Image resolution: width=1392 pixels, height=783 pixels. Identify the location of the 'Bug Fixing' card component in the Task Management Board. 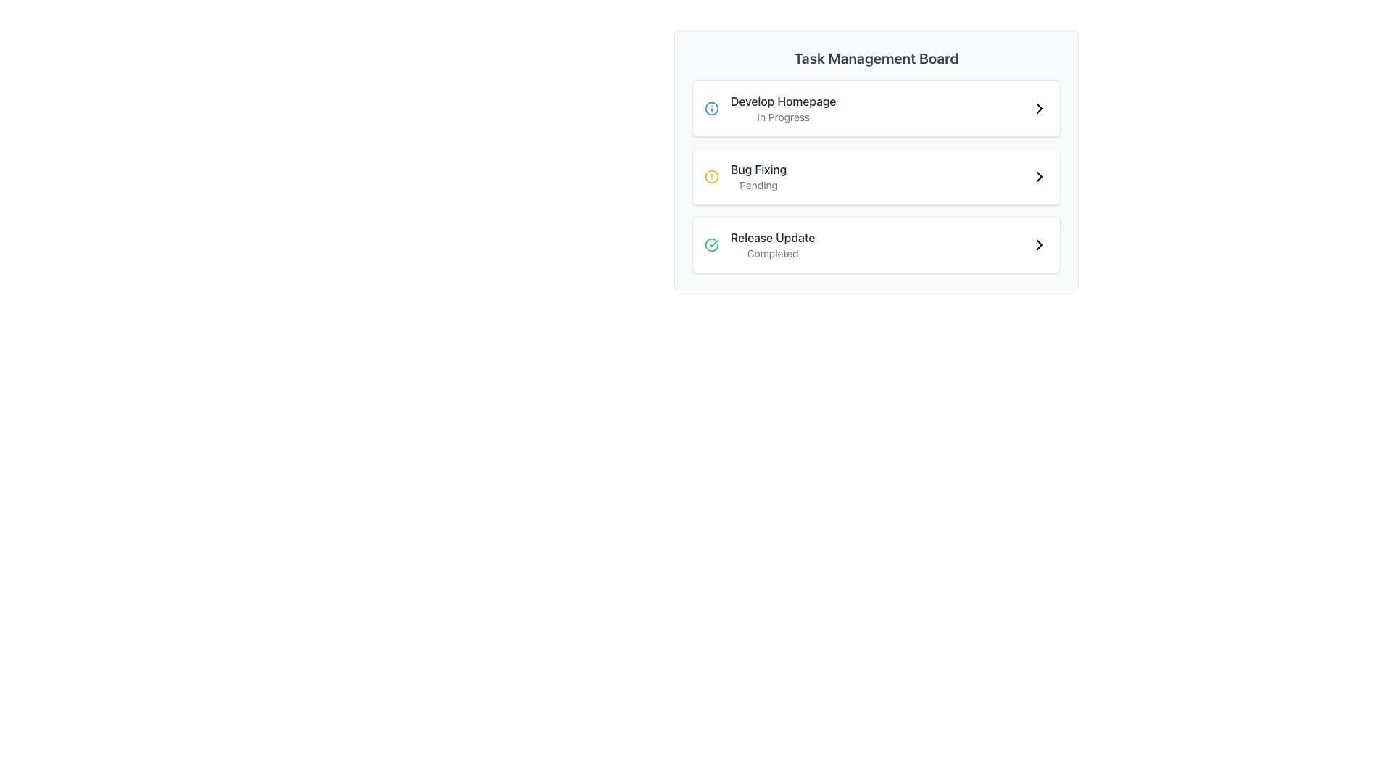
(876, 161).